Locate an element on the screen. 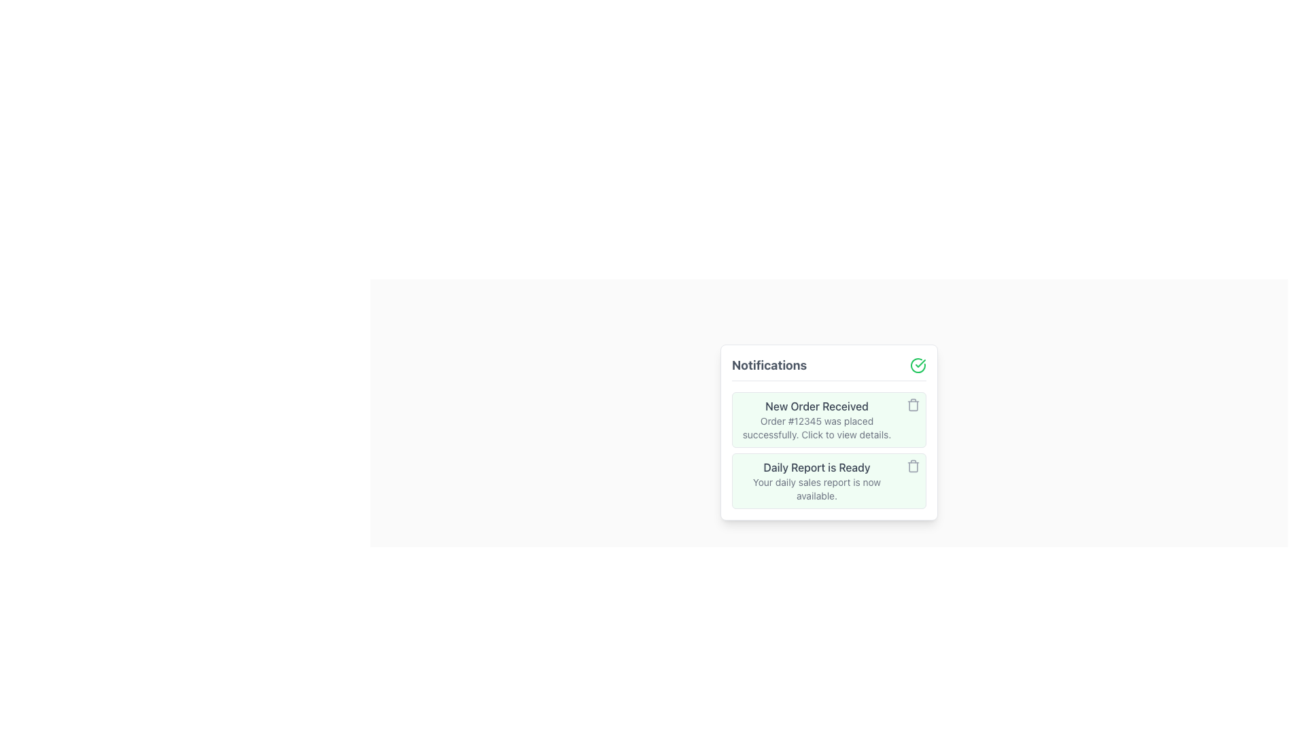  text label that says 'Order #12345 was placed successfully. Click to view details.' which is located beneath the heading 'New Order Received' in the notification panel is located at coordinates (816, 427).